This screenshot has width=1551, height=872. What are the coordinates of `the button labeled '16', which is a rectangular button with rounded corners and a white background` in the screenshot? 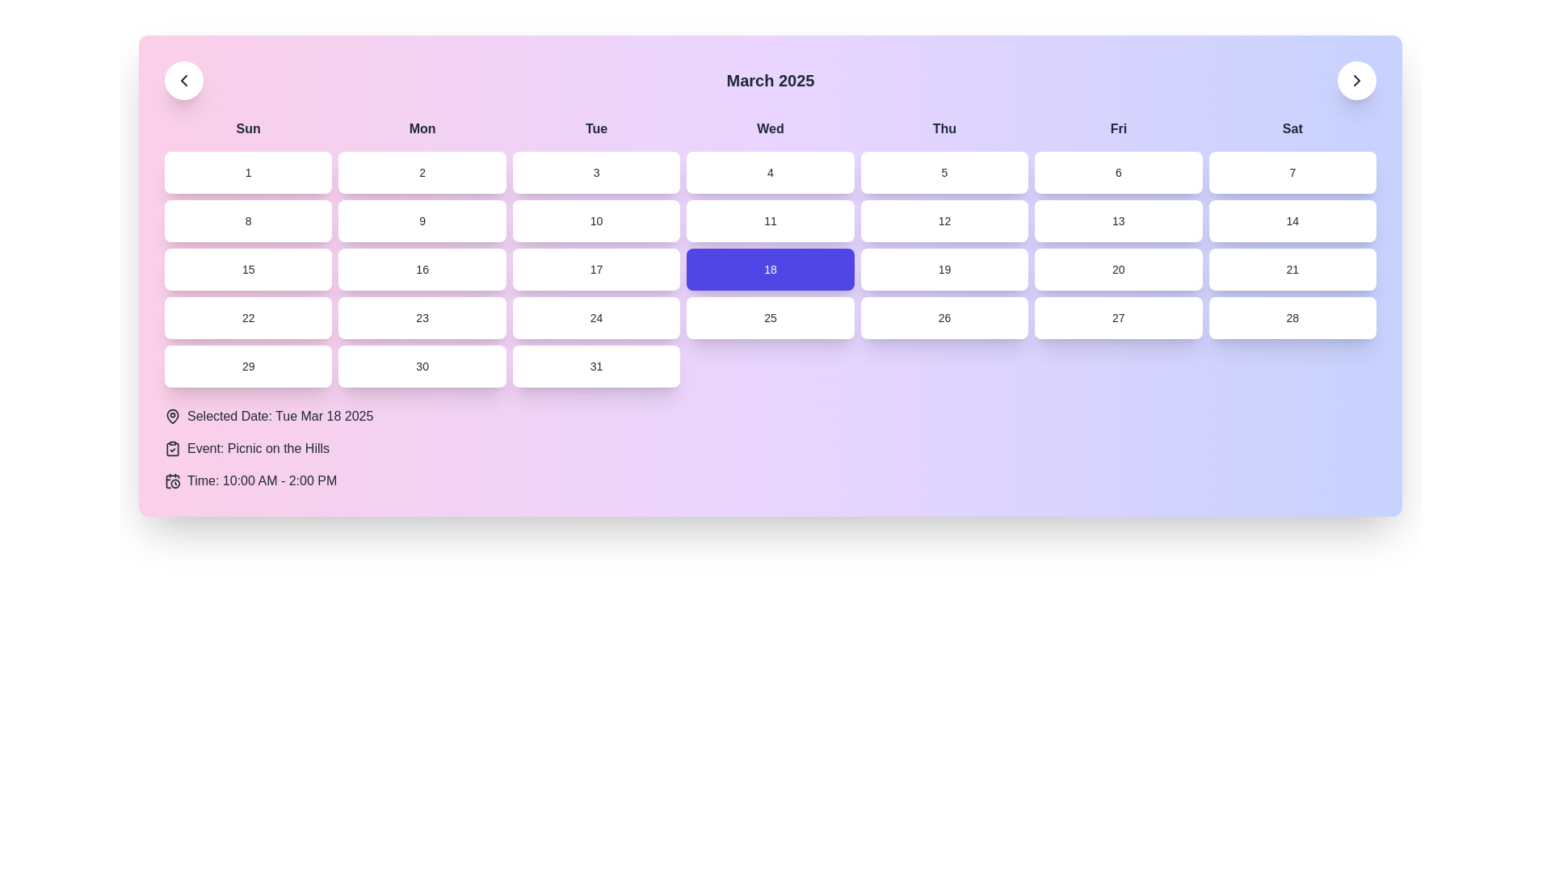 It's located at (422, 269).